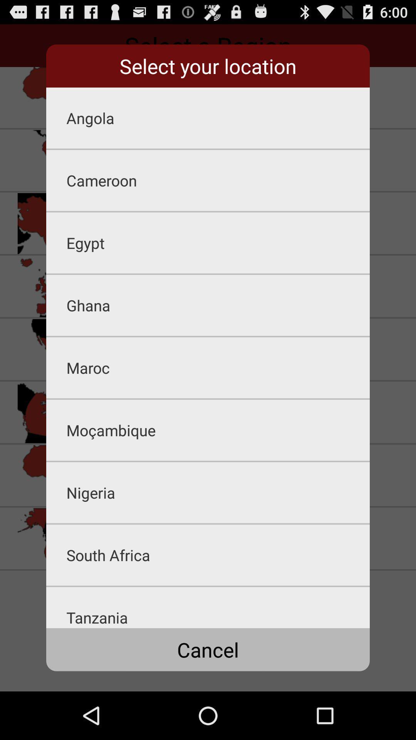  What do you see at coordinates (218, 180) in the screenshot?
I see `the cameroon item` at bounding box center [218, 180].